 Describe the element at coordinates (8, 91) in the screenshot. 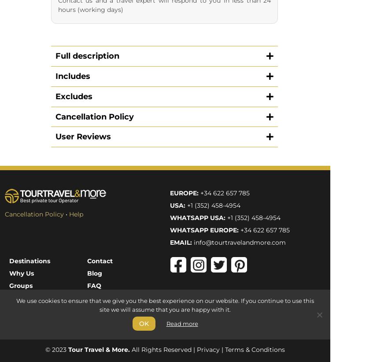

I see `'Why Us'` at that location.